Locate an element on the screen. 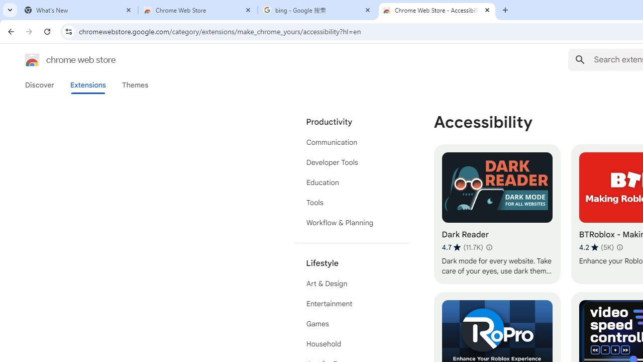 This screenshot has width=643, height=362. 'Learn more about results and reviews "Dark Reader"' is located at coordinates (488, 247).